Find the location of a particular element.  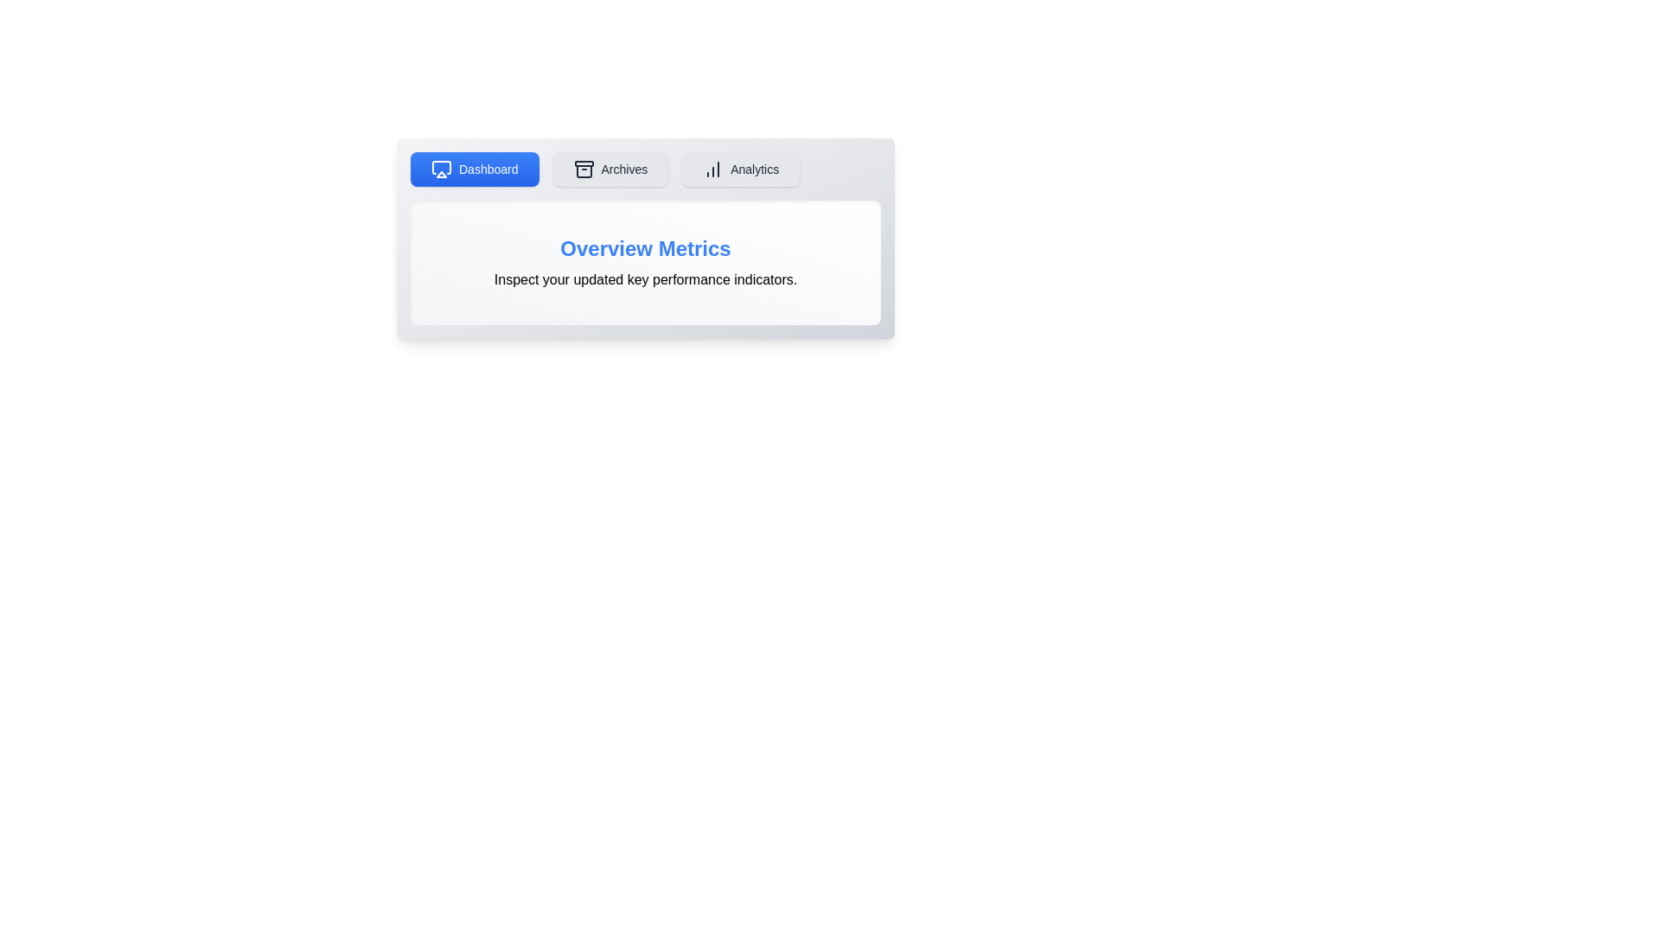

the tab labeled Analytics by clicking on it is located at coordinates (741, 170).